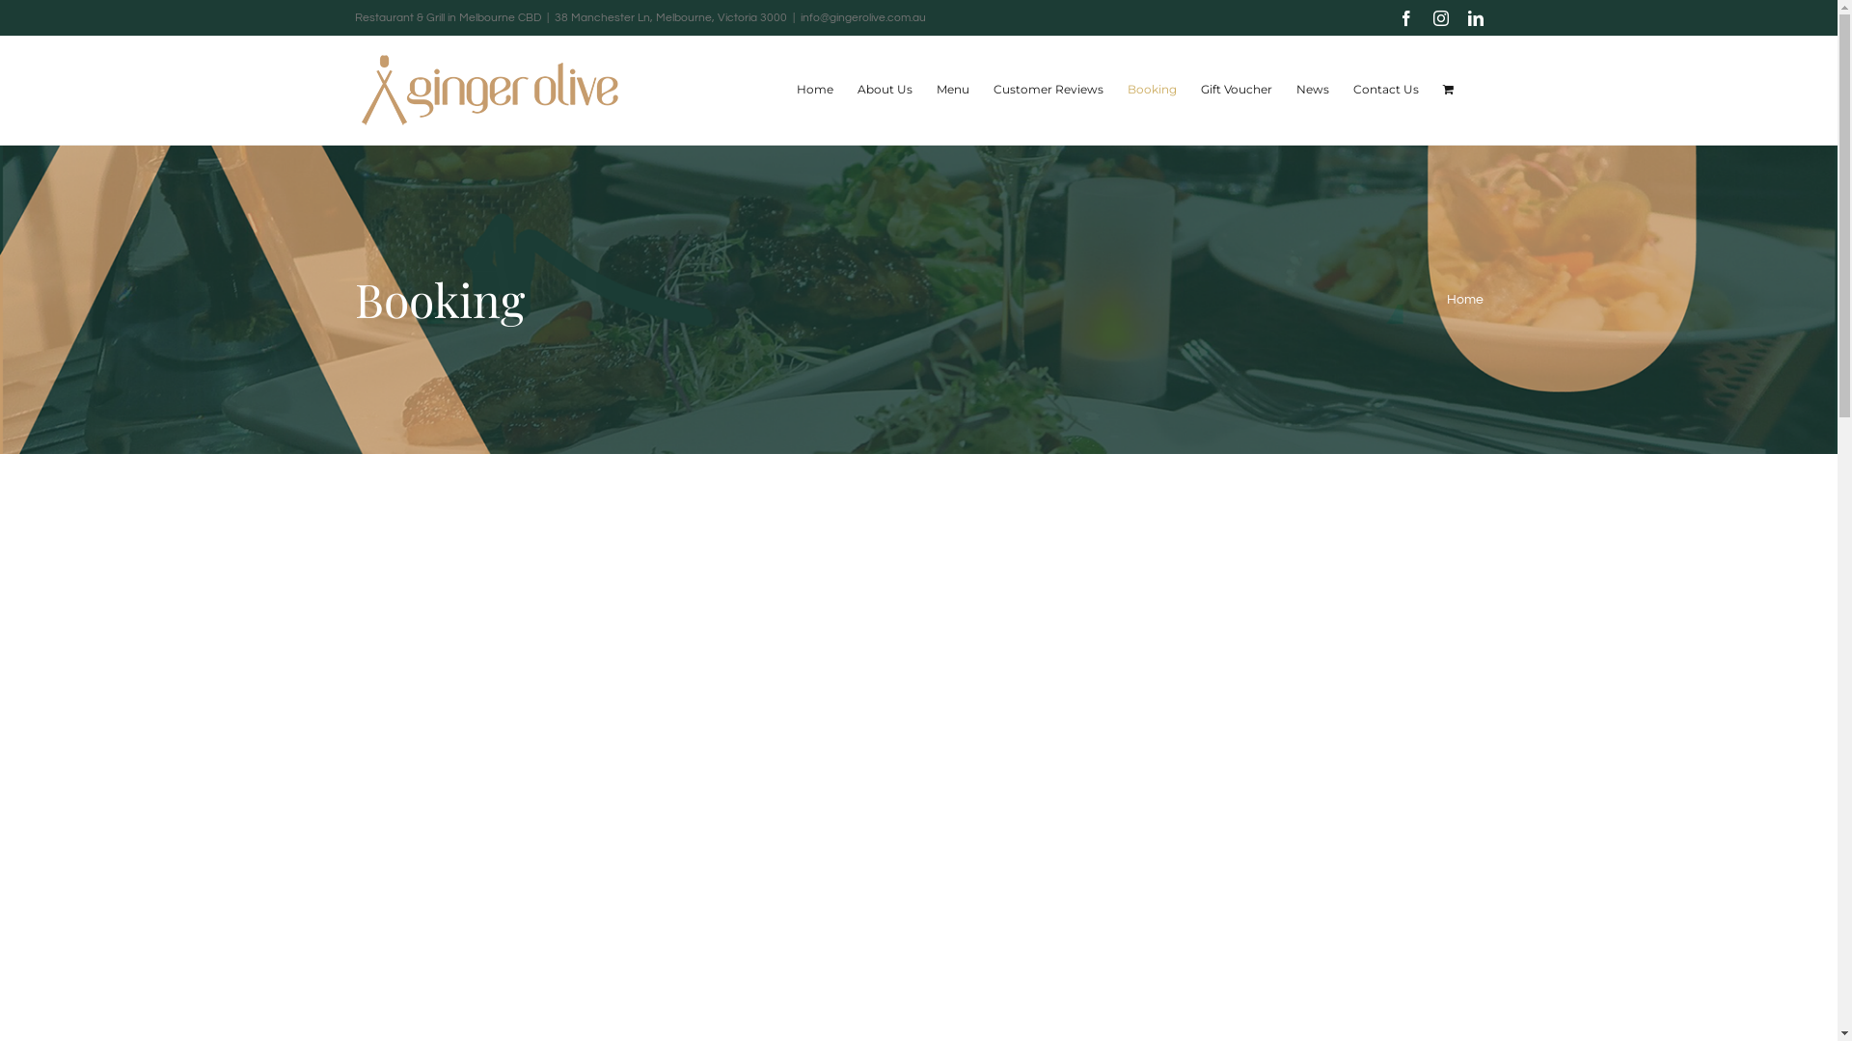 This screenshot has height=1041, width=1852. What do you see at coordinates (1383, 89) in the screenshot?
I see `'Contact Us'` at bounding box center [1383, 89].